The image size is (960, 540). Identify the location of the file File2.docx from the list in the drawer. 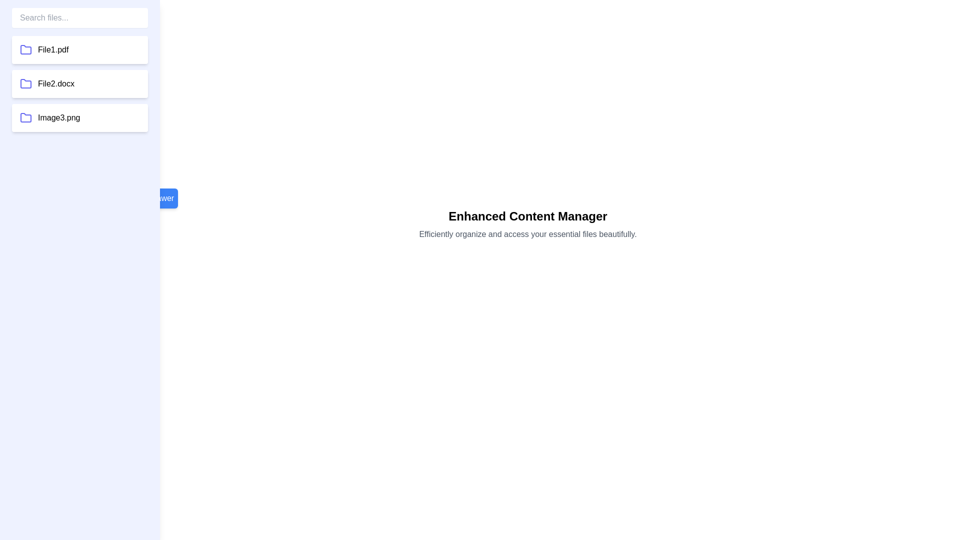
(79, 83).